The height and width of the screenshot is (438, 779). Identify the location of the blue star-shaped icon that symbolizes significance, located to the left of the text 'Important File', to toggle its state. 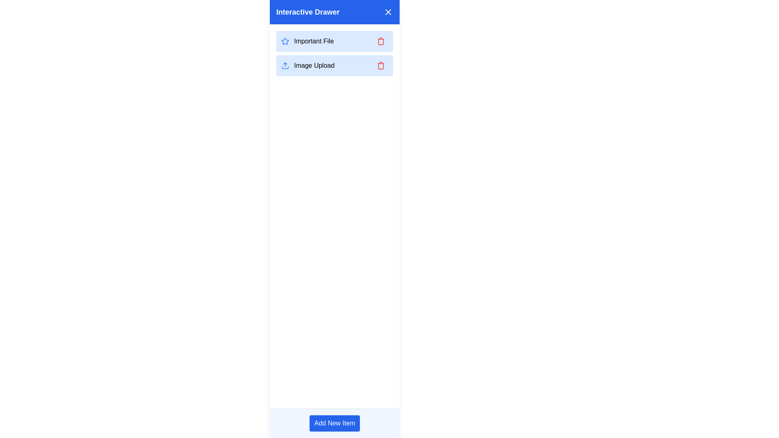
(285, 41).